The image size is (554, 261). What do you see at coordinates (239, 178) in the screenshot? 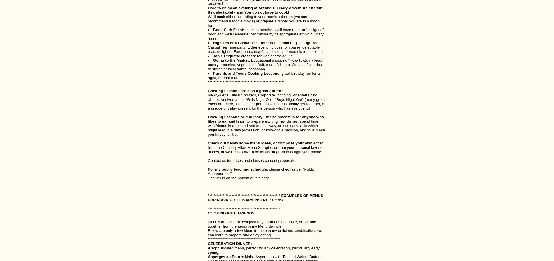
I see `'The link is on the bottom of this page'` at bounding box center [239, 178].